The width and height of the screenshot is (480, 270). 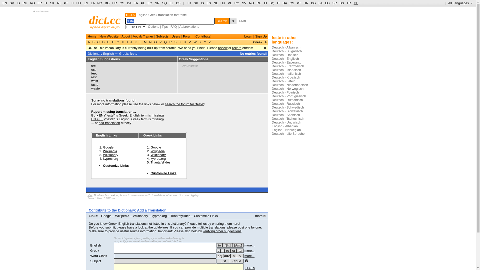 What do you see at coordinates (174, 26) in the screenshot?
I see `'FAQ'` at bounding box center [174, 26].